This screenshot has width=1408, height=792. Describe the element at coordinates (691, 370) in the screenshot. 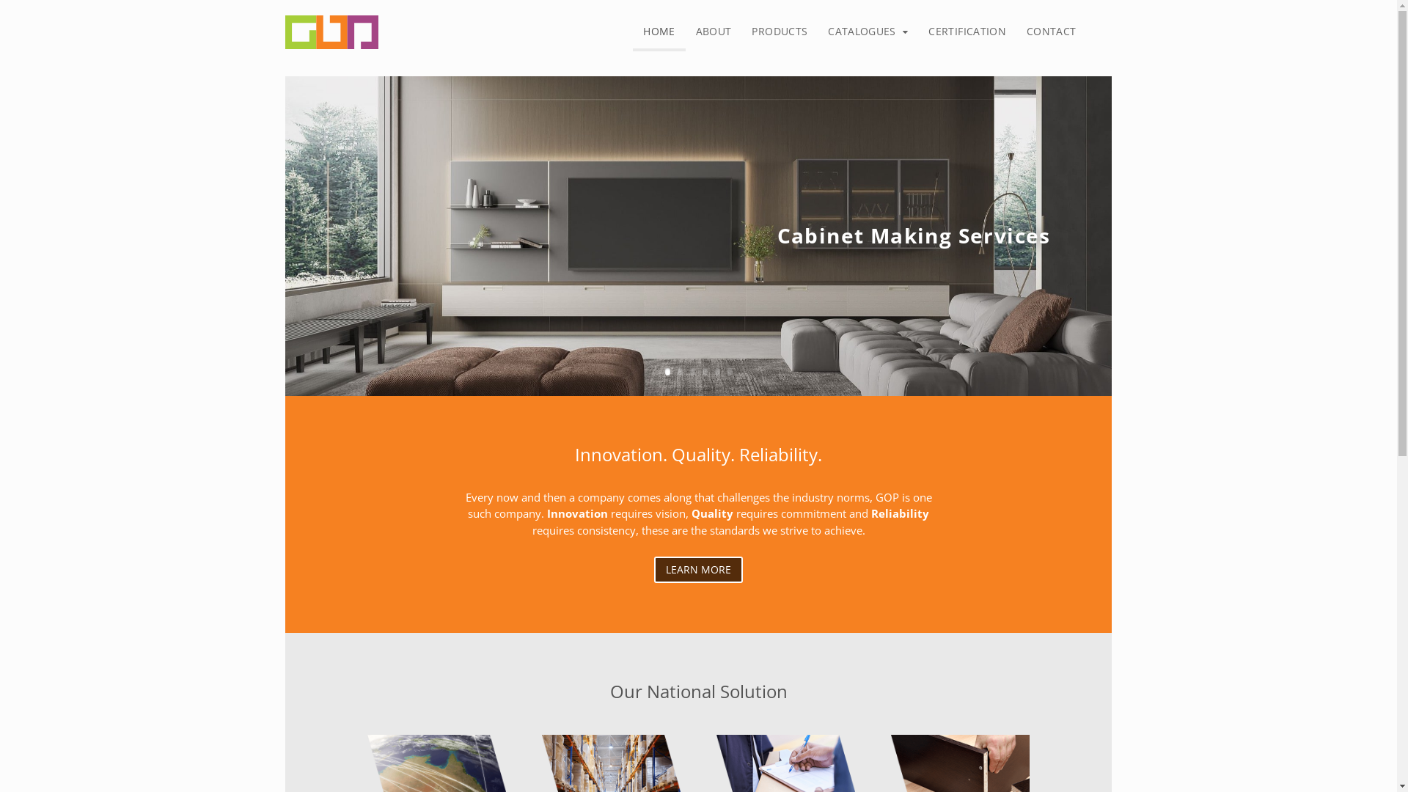

I see `'3'` at that location.